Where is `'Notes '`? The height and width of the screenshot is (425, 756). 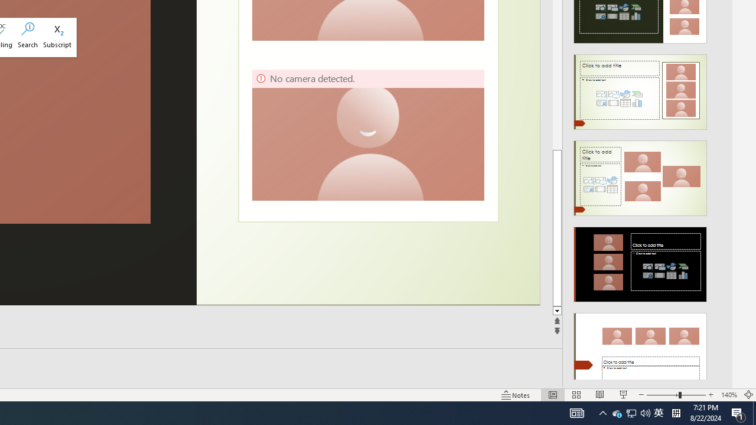
'Notes ' is located at coordinates (516, 395).